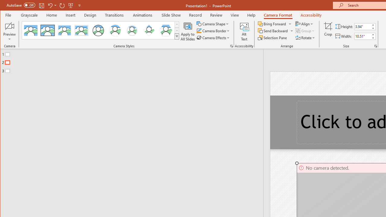 The image size is (386, 217). Describe the element at coordinates (305, 38) in the screenshot. I see `'Rotate'` at that location.